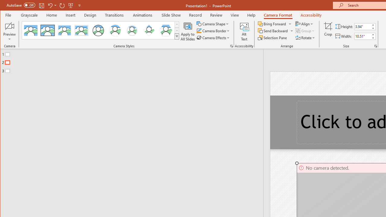 The image size is (386, 217). Describe the element at coordinates (305, 38) in the screenshot. I see `'Rotate'` at that location.